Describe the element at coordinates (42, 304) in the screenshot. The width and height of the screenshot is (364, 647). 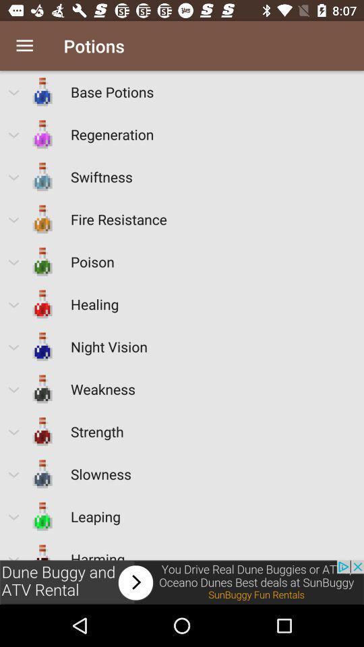
I see `the image to the left of healing text` at that location.